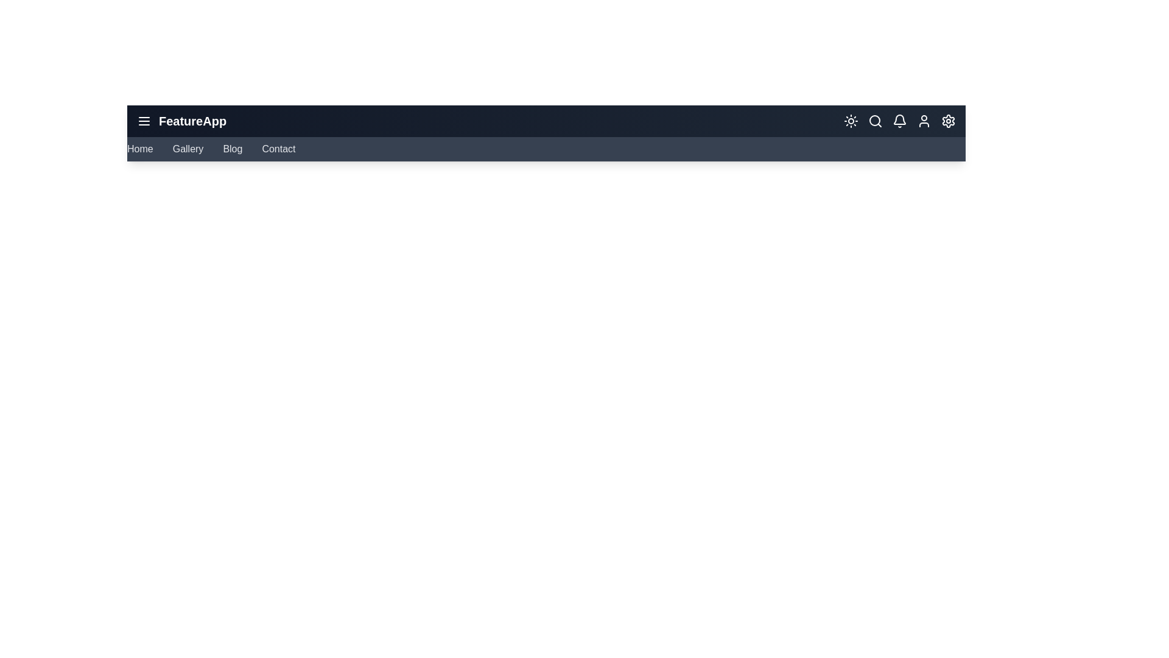 The height and width of the screenshot is (658, 1169). What do you see at coordinates (187, 149) in the screenshot?
I see `the navigation menu item Gallery` at bounding box center [187, 149].